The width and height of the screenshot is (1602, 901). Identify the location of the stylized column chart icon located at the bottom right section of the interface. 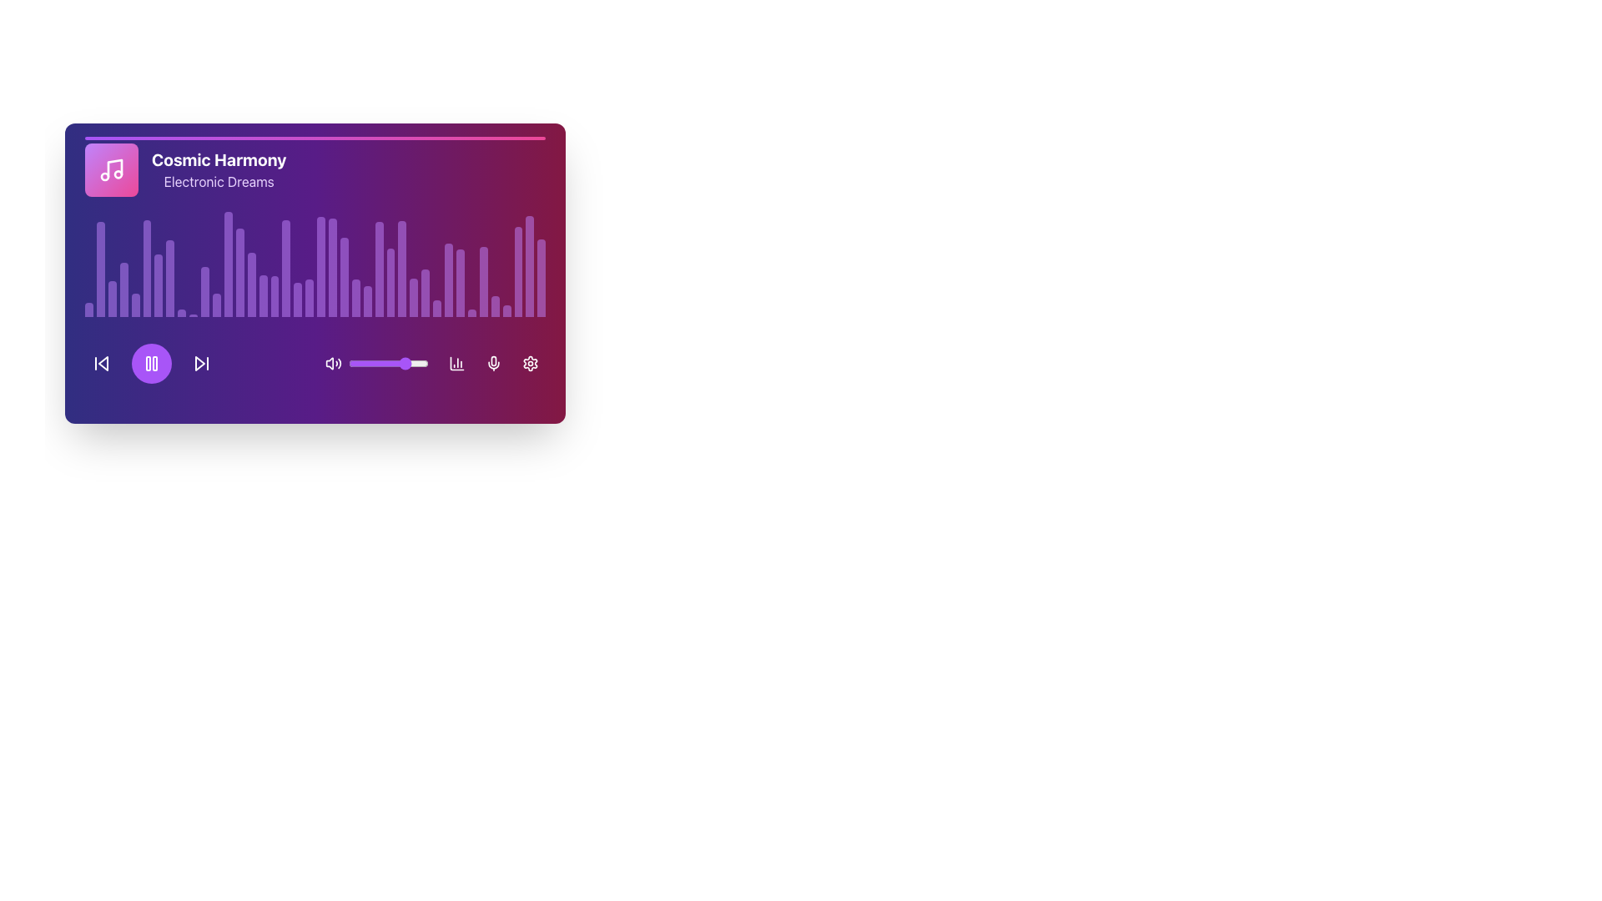
(456, 362).